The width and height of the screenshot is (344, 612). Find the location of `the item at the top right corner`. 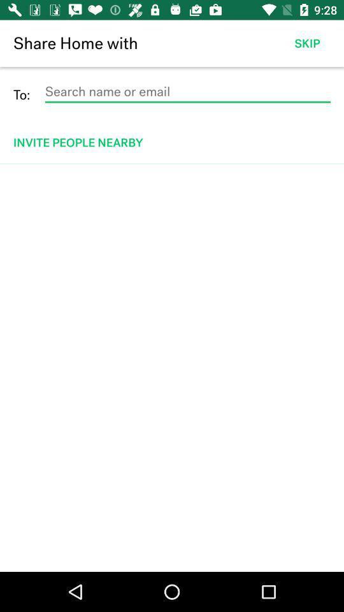

the item at the top right corner is located at coordinates (306, 43).